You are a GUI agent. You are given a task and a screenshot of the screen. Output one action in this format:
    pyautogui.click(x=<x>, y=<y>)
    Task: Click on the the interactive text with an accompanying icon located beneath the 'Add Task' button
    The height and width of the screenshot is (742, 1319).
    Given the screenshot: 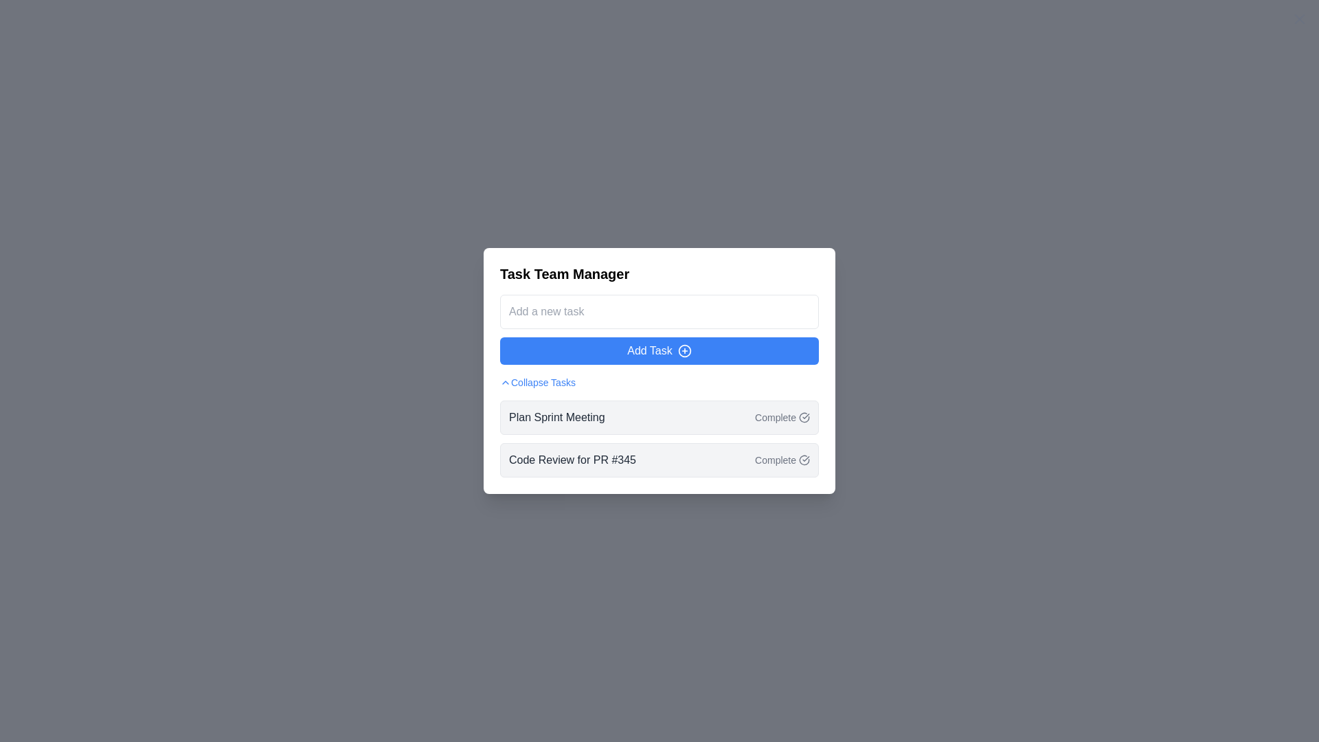 What is the action you would take?
    pyautogui.click(x=537, y=382)
    